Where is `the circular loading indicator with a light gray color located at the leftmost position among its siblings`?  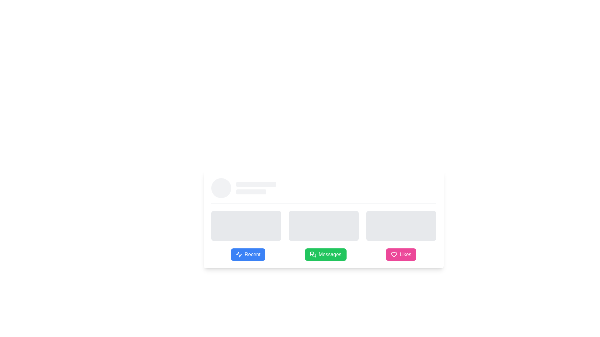
the circular loading indicator with a light gray color located at the leftmost position among its siblings is located at coordinates (221, 188).